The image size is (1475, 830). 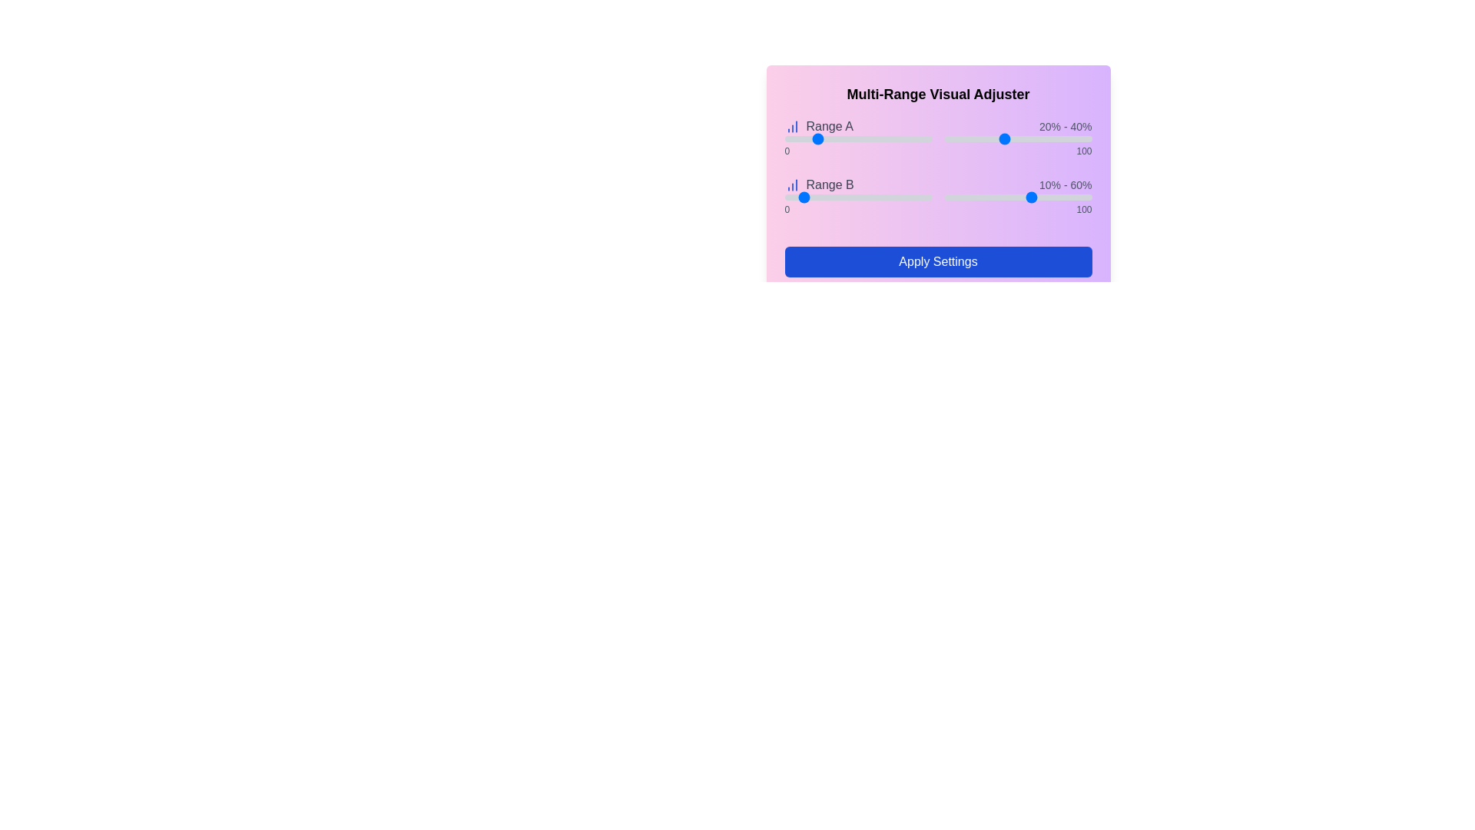 What do you see at coordinates (885, 197) in the screenshot?
I see `the Range B slider position` at bounding box center [885, 197].